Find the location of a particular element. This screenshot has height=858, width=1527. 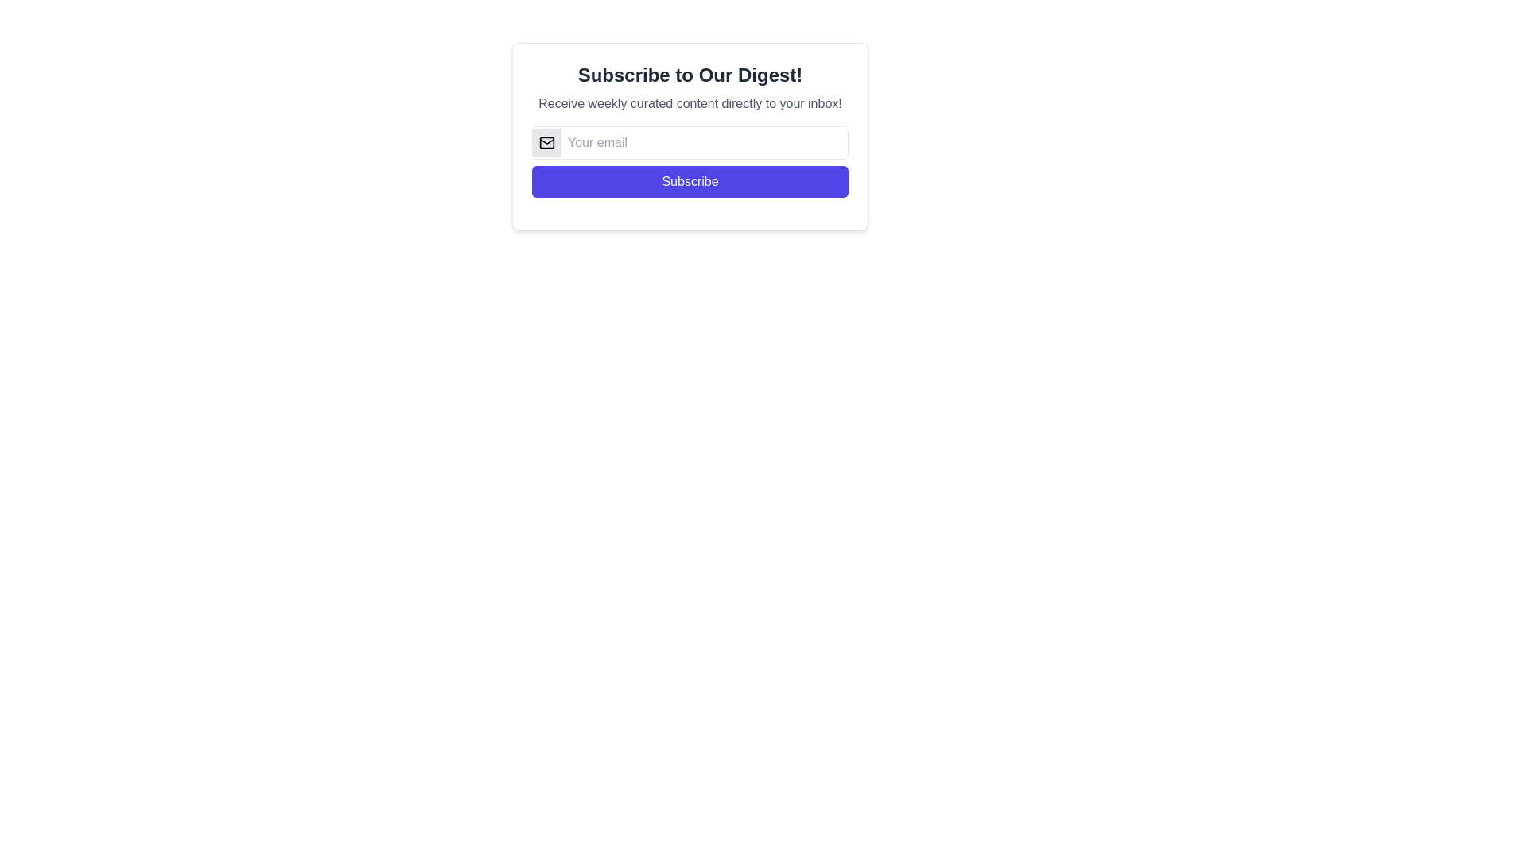

the email input field of the subscription modal to focus on it is located at coordinates (690, 136).